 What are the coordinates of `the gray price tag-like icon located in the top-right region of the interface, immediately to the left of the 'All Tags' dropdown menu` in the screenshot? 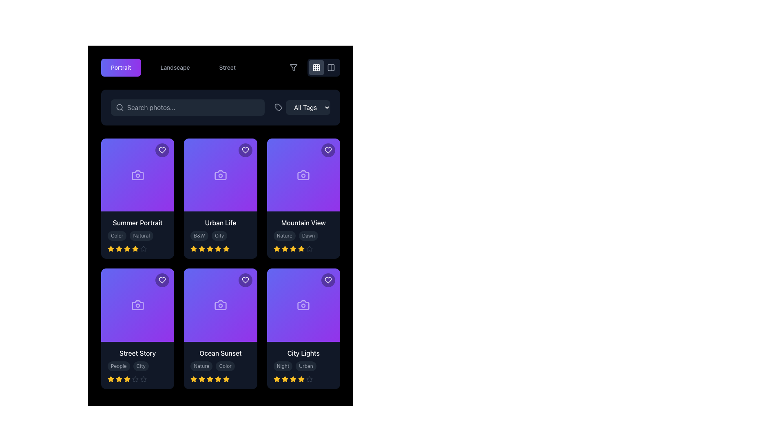 It's located at (278, 107).